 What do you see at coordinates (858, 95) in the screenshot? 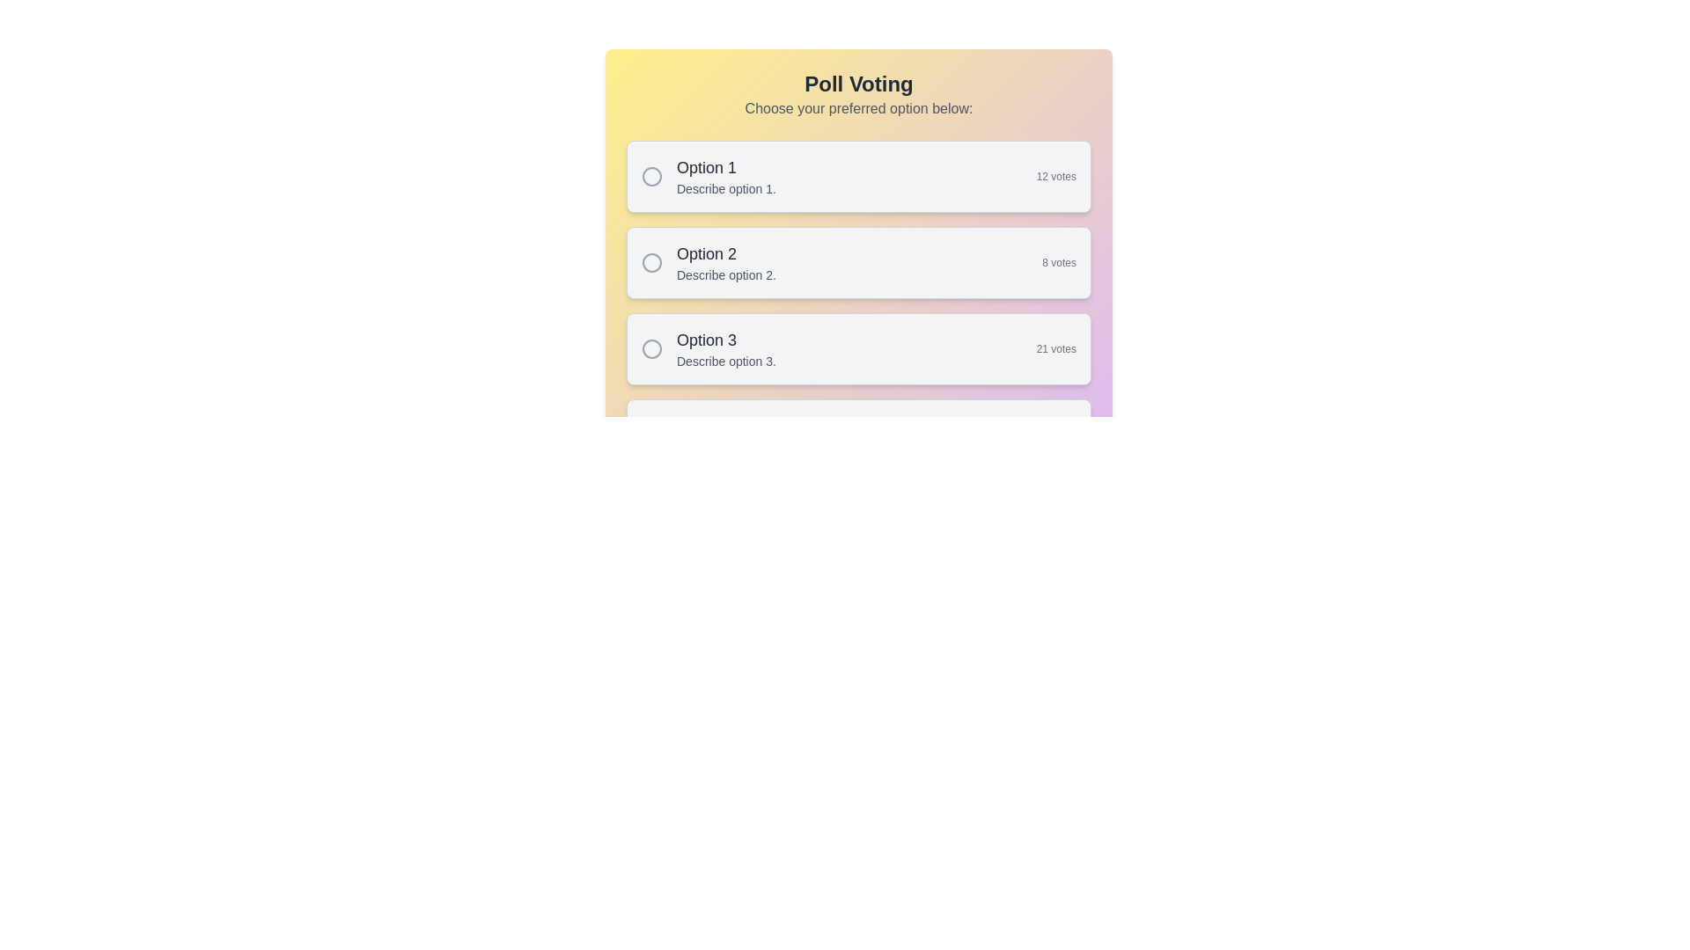
I see `instructional header text located at the top of the poll interface, which serves as a title and guide for the voting section` at bounding box center [858, 95].